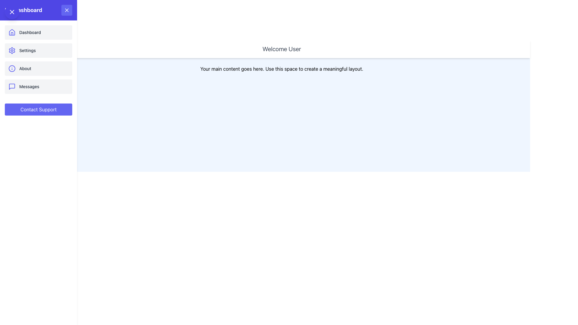  What do you see at coordinates (281, 48) in the screenshot?
I see `the static text label displaying 'Welcome User' located at the top center of the interface, below the navigation bar` at bounding box center [281, 48].